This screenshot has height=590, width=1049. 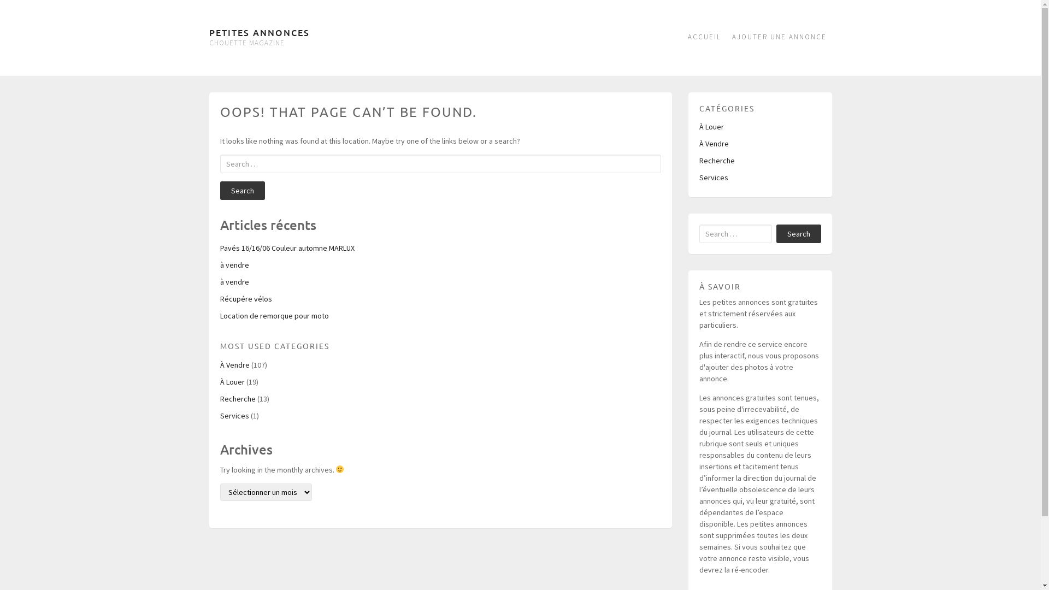 What do you see at coordinates (735, 233) in the screenshot?
I see `'Search for:'` at bounding box center [735, 233].